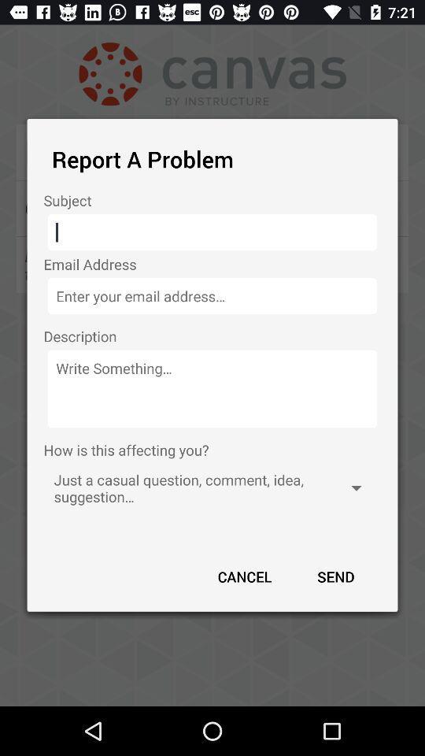 This screenshot has width=425, height=756. What do you see at coordinates (213, 388) in the screenshot?
I see `write option` at bounding box center [213, 388].